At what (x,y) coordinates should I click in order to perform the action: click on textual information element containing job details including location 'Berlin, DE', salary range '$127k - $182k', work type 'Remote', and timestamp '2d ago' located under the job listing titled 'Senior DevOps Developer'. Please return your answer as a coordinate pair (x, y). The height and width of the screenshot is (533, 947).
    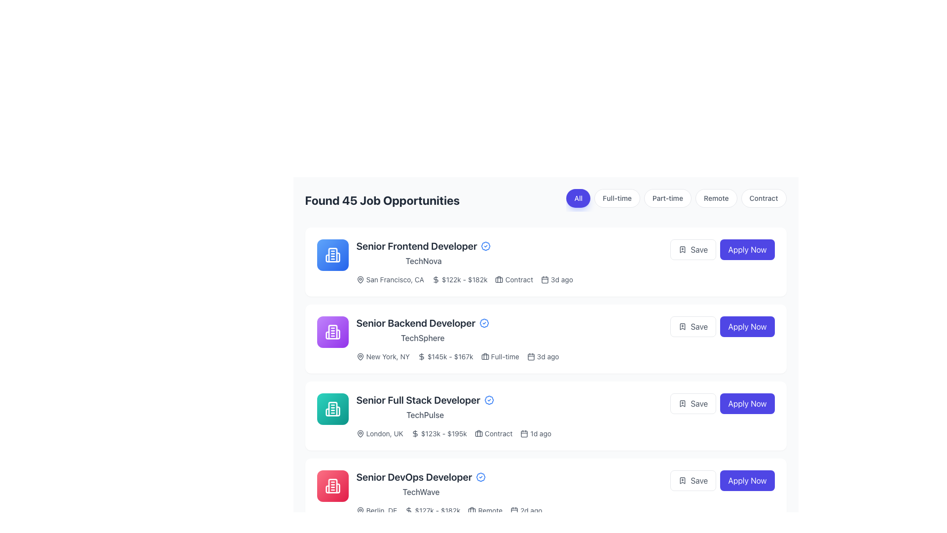
    Looking at the image, I should click on (565, 510).